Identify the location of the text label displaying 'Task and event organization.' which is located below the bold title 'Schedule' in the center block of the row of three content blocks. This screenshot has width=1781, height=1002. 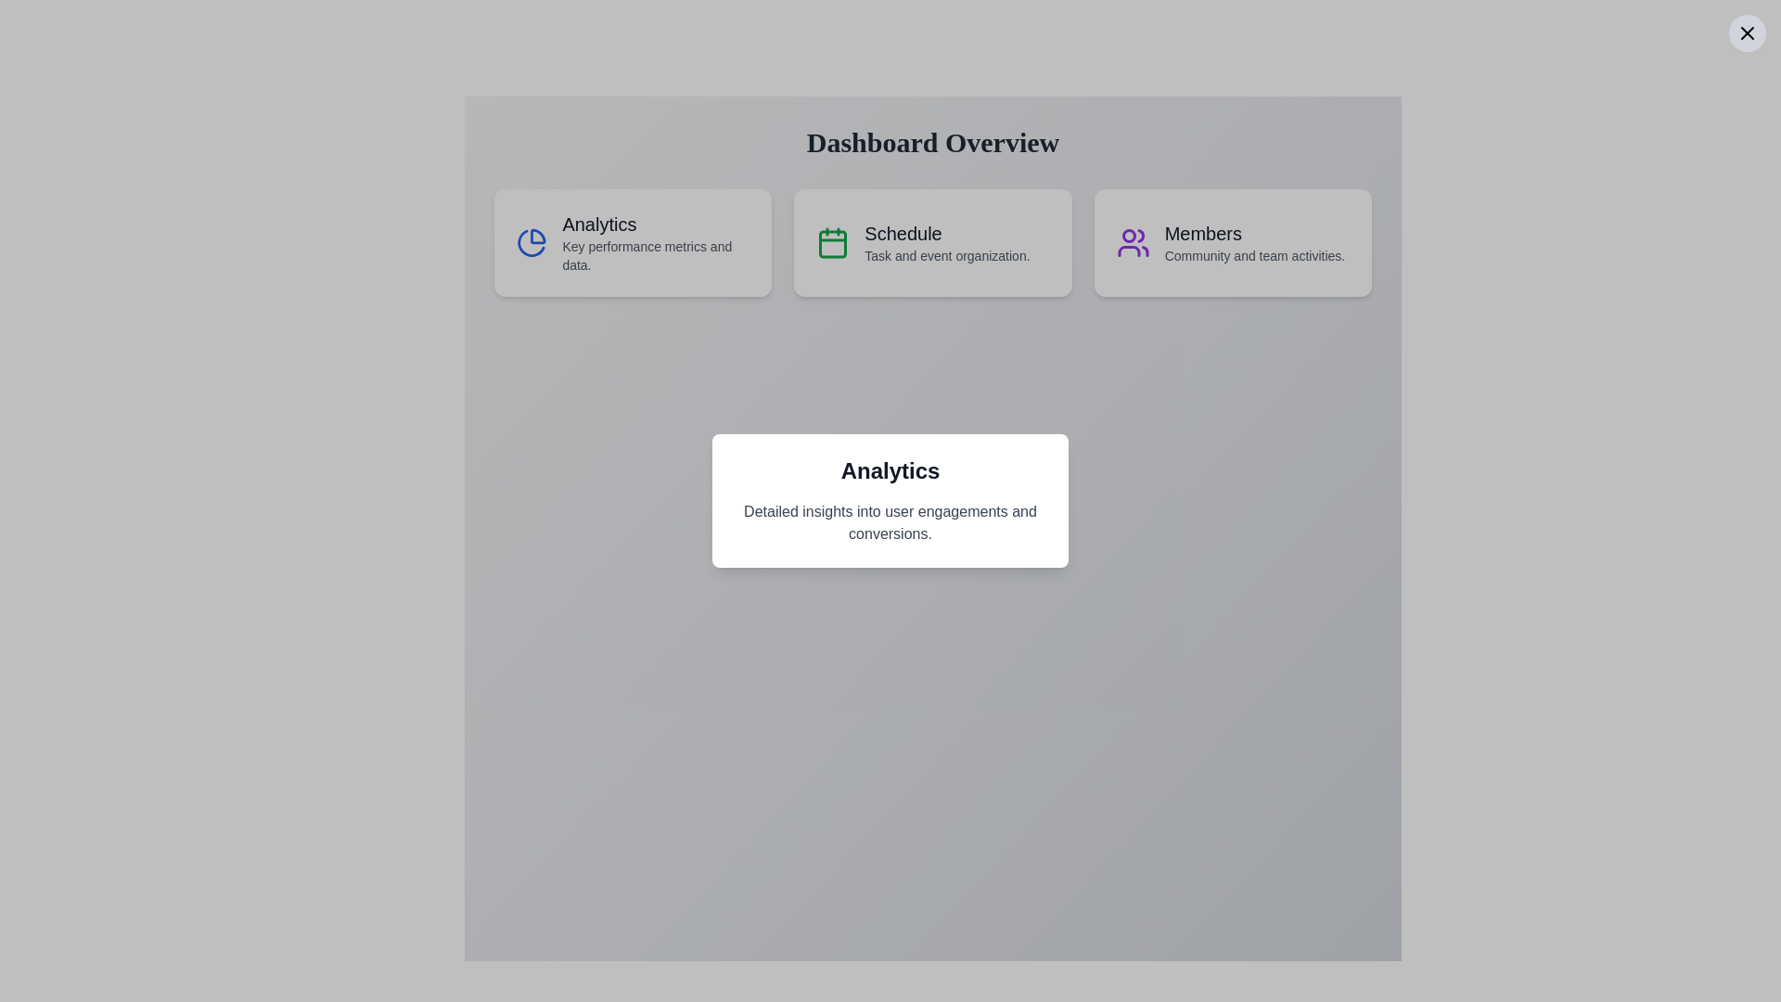
(947, 256).